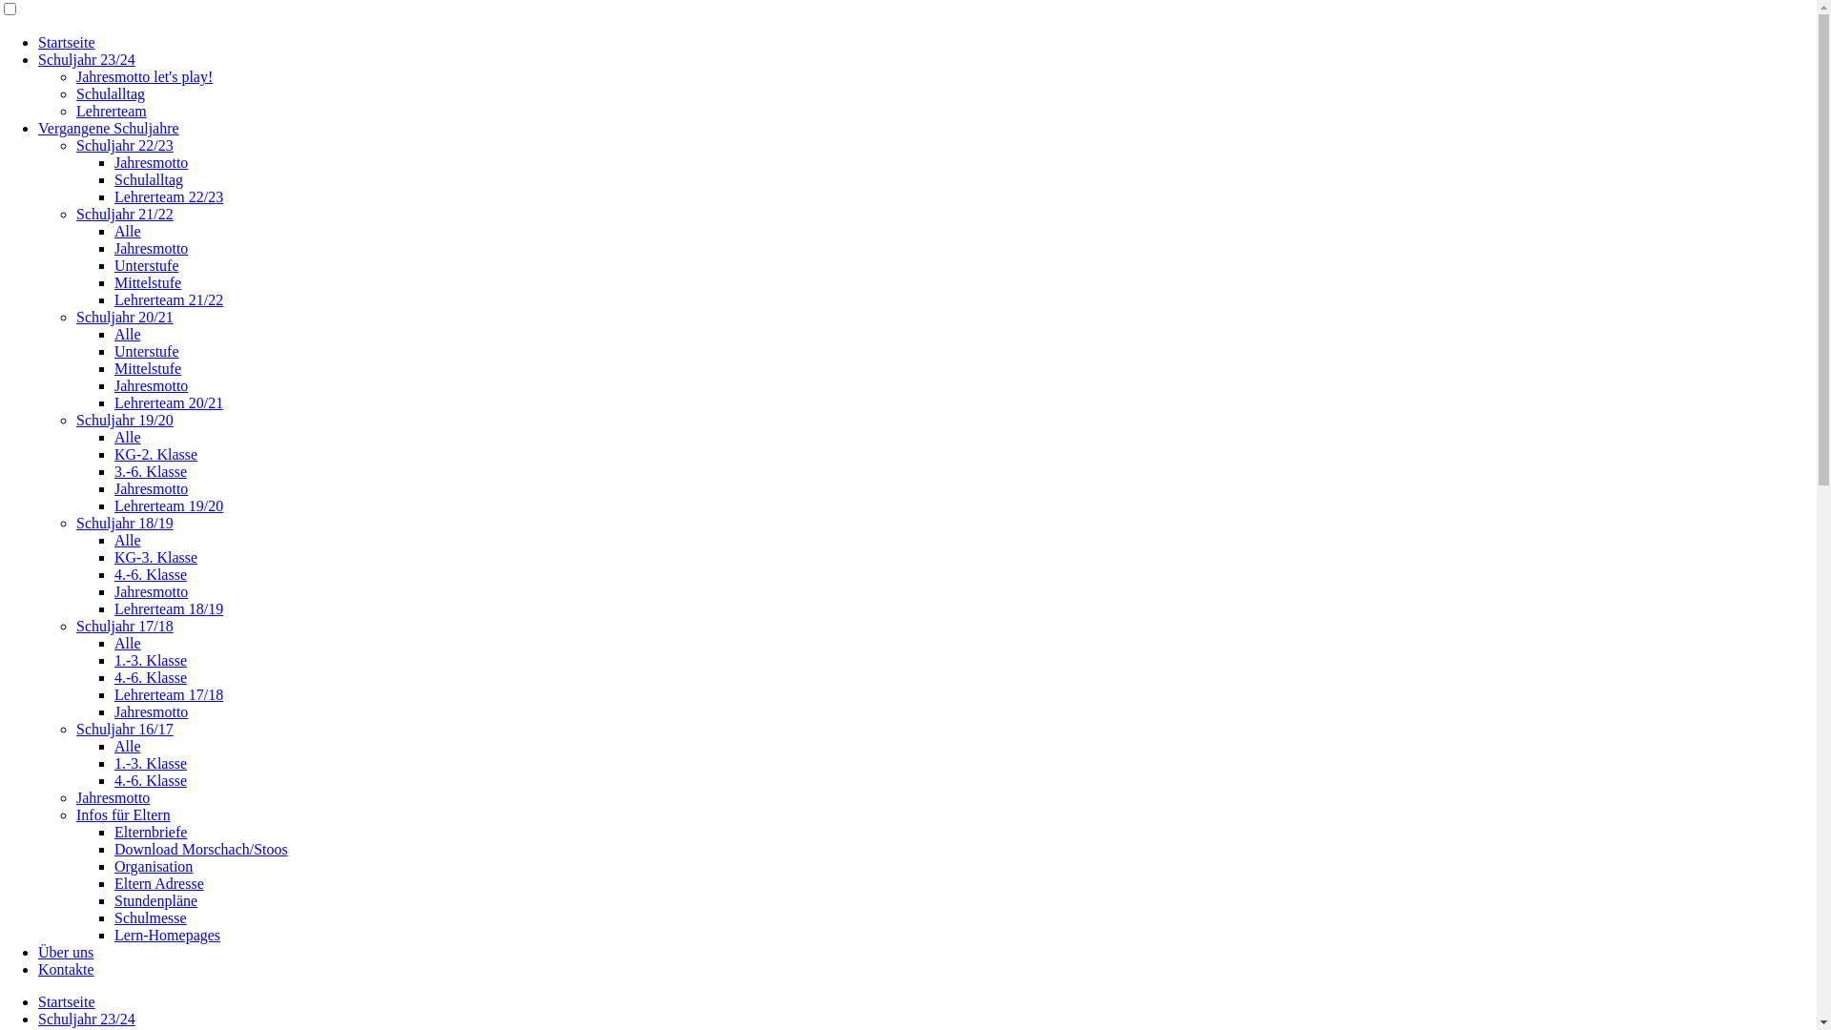  I want to click on '1.-3. Klasse', so click(150, 659).